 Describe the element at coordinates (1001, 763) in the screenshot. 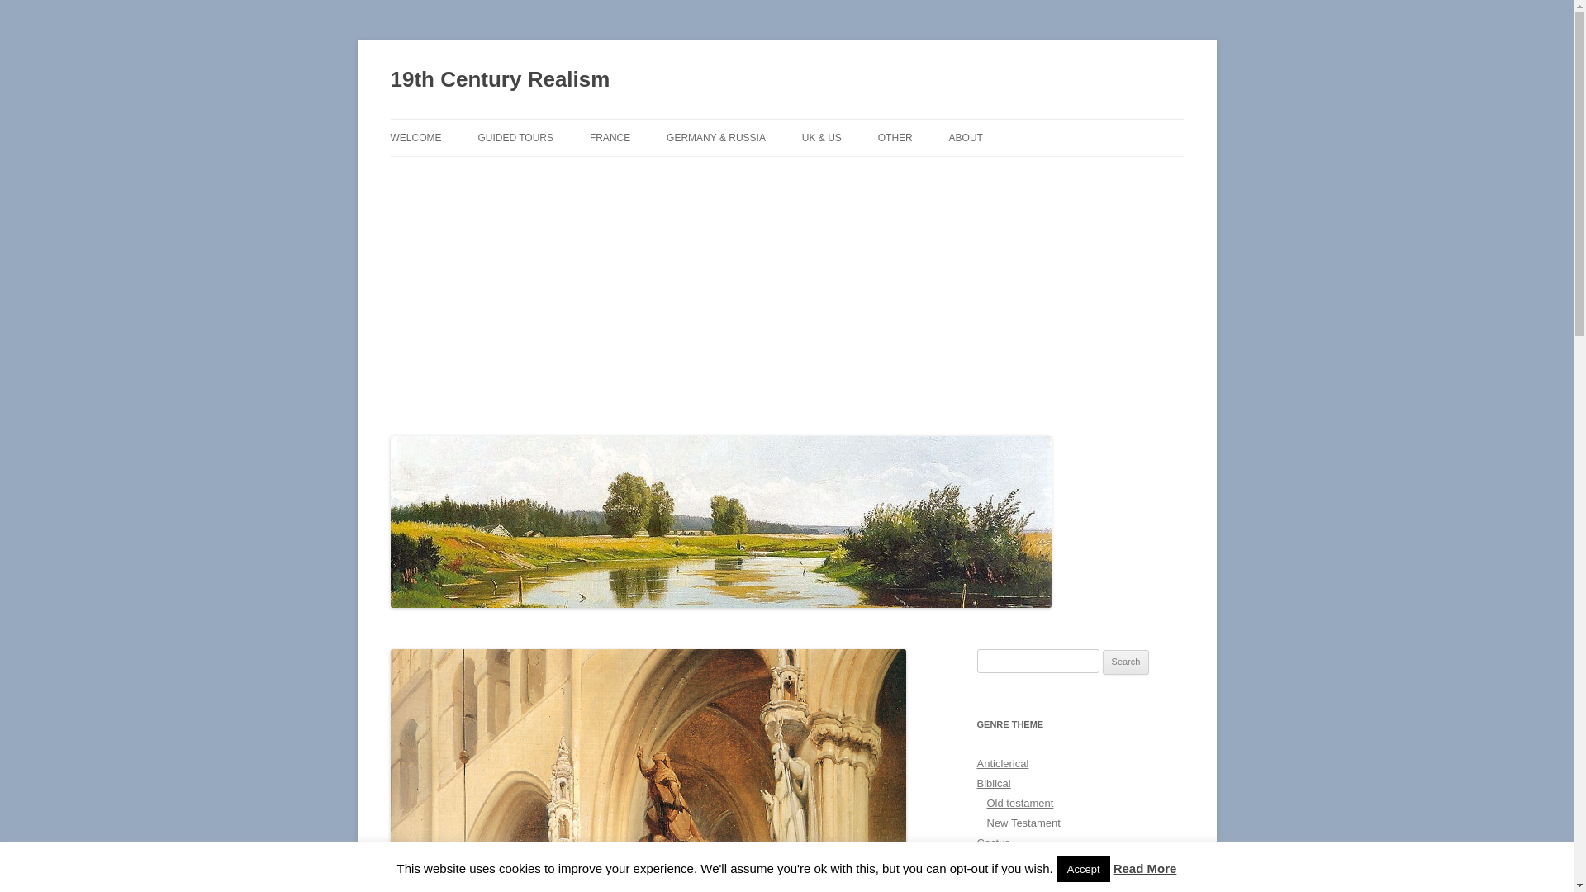

I see `'Anticlerical'` at that location.